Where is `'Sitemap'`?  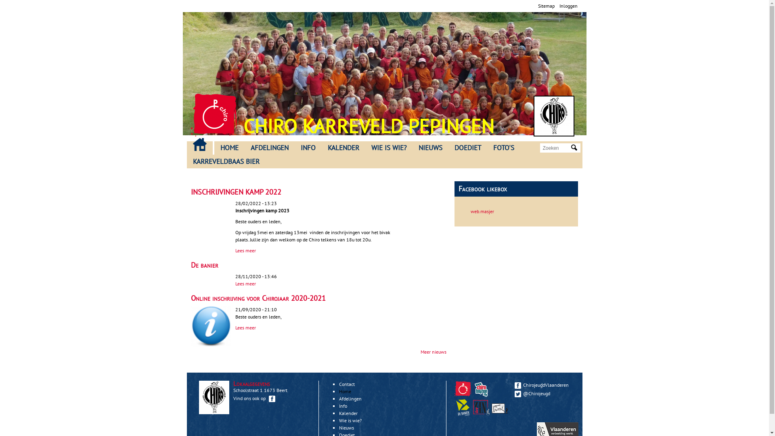
'Sitemap' is located at coordinates (537, 6).